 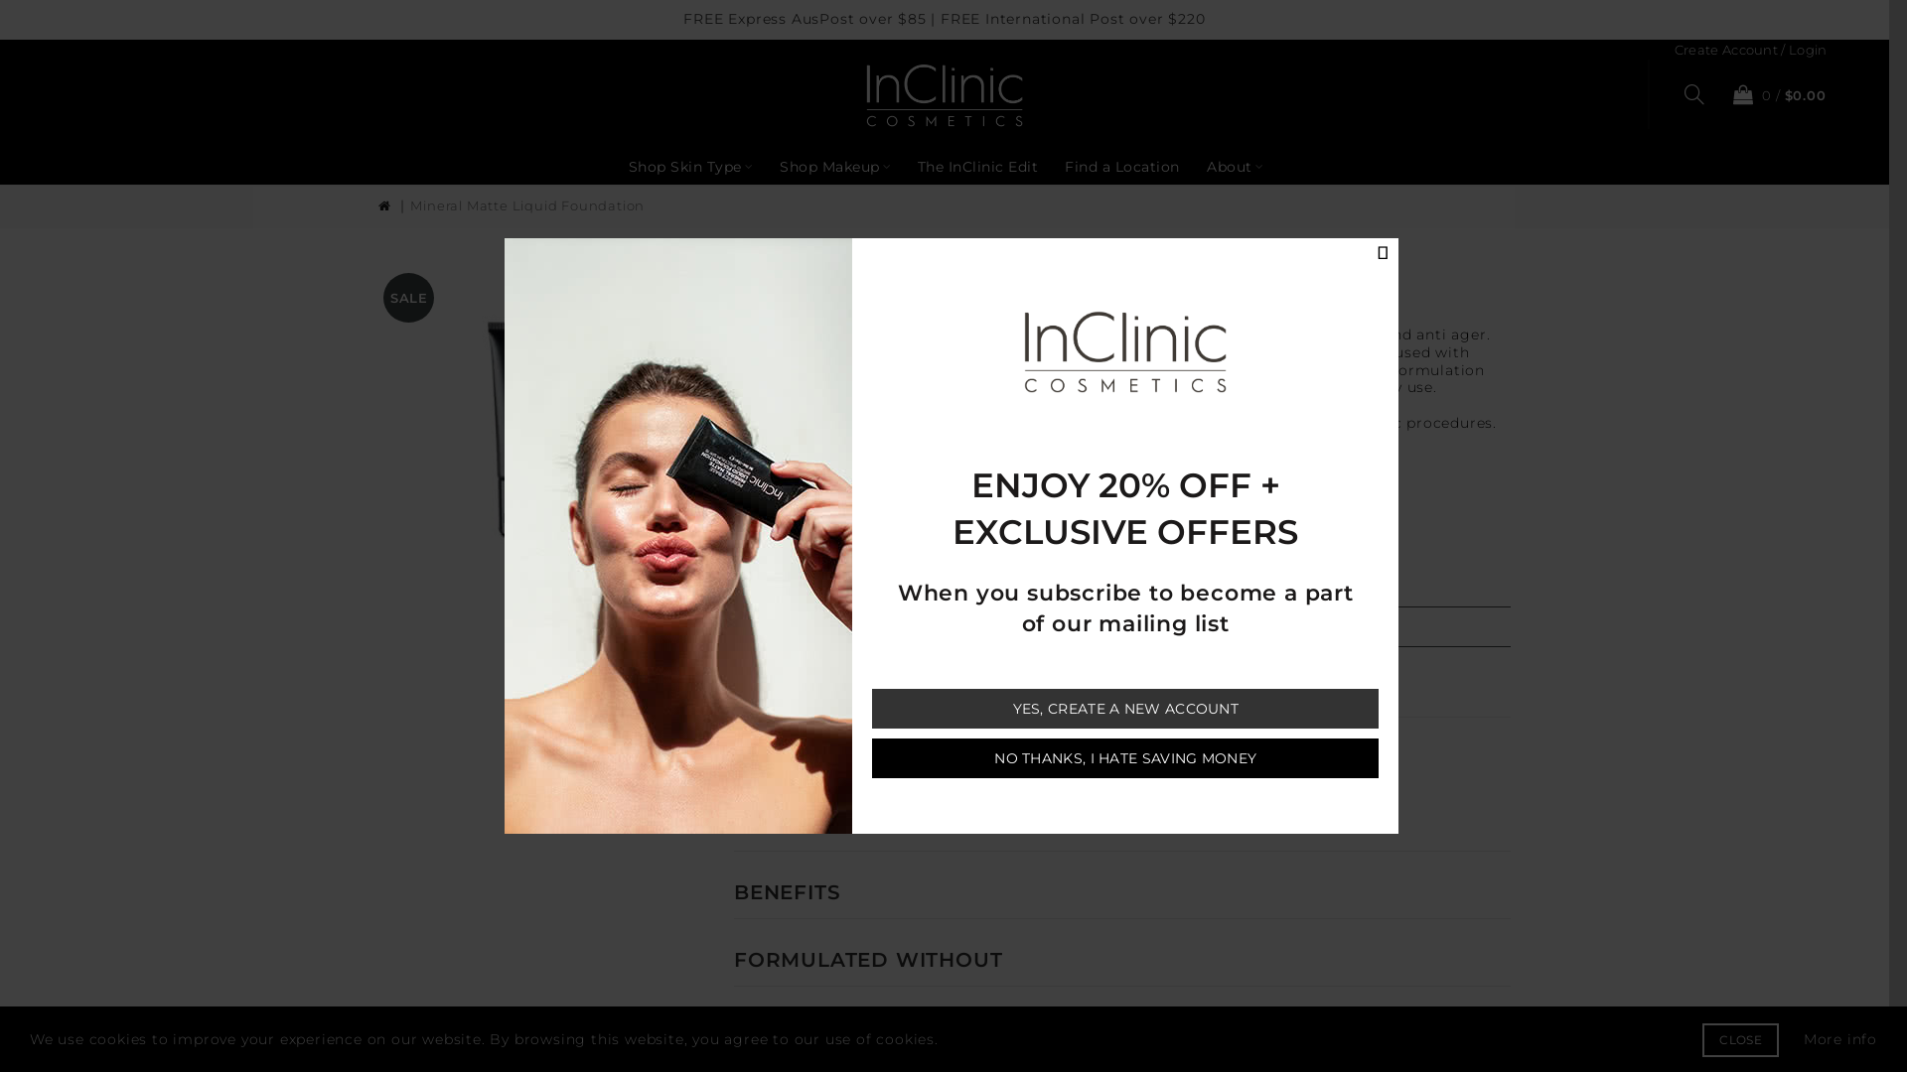 I want to click on 'Mineral Matte Liquid Foundation', so click(x=408, y=205).